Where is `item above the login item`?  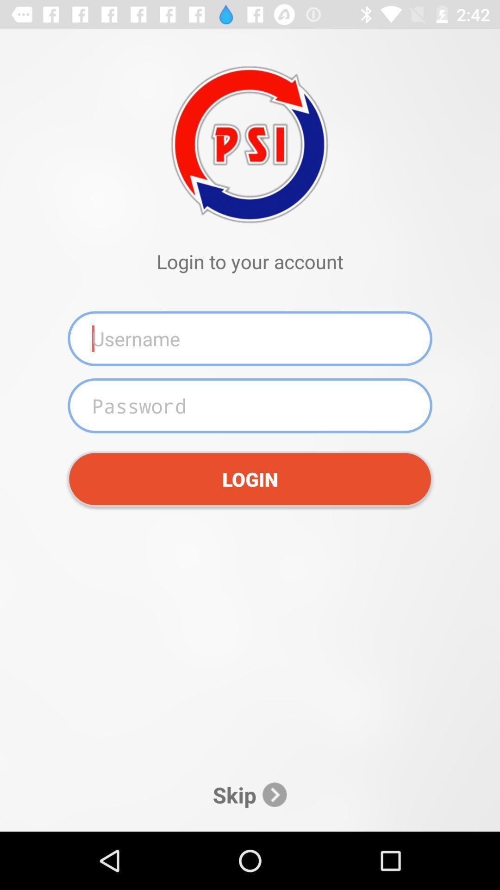
item above the login item is located at coordinates (250, 406).